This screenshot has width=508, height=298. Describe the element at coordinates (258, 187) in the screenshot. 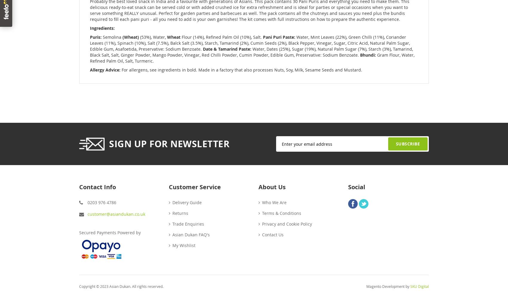

I see `'About Us'` at that location.